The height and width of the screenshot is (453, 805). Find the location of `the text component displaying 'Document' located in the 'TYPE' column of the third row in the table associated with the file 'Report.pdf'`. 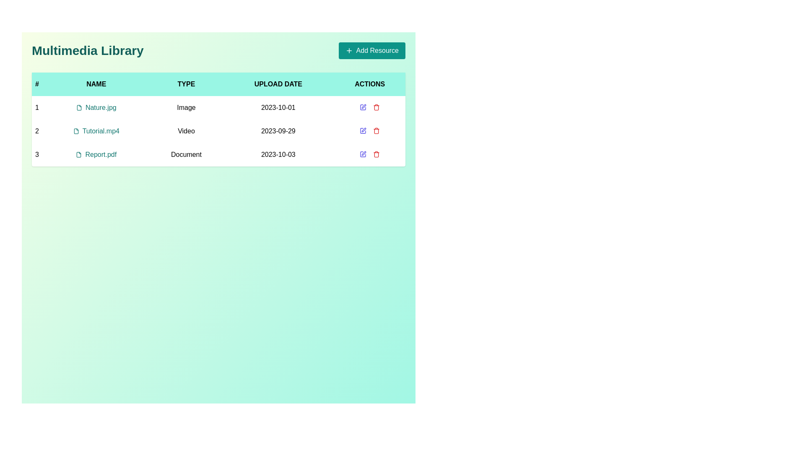

the text component displaying 'Document' located in the 'TYPE' column of the third row in the table associated with the file 'Report.pdf' is located at coordinates (186, 155).